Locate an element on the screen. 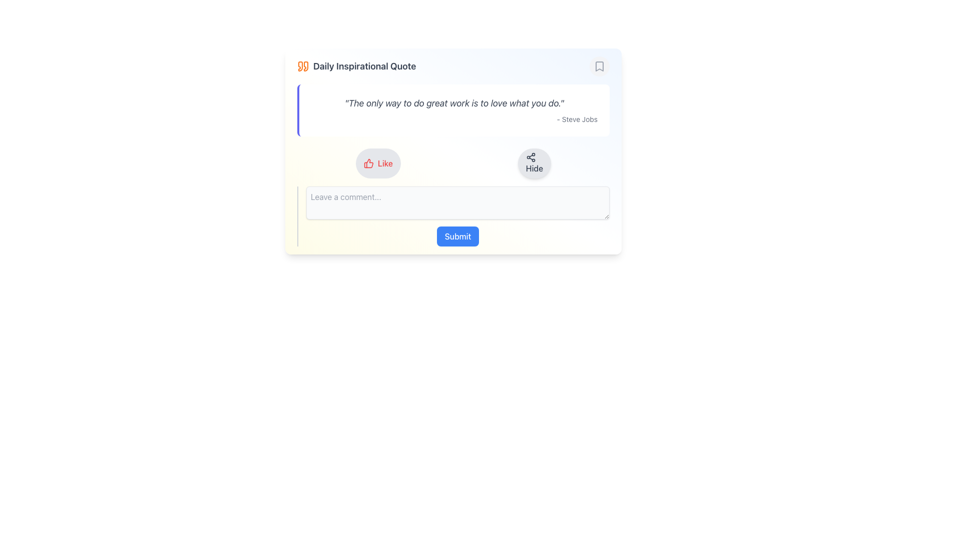 This screenshot has width=961, height=540. the text label that reads 'Daily Inspirational Quote', styled in bold dark gray, located inline with an orange quote icon to its left is located at coordinates (356, 66).